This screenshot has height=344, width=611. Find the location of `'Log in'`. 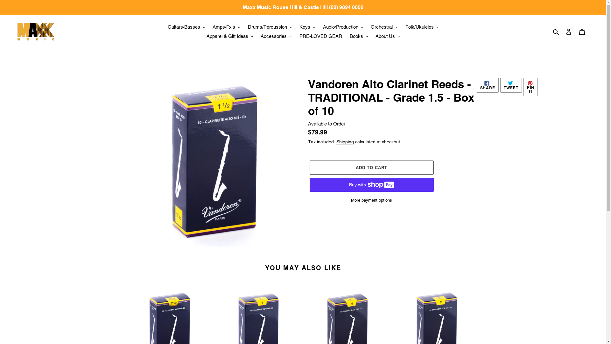

'Log in' is located at coordinates (562, 32).